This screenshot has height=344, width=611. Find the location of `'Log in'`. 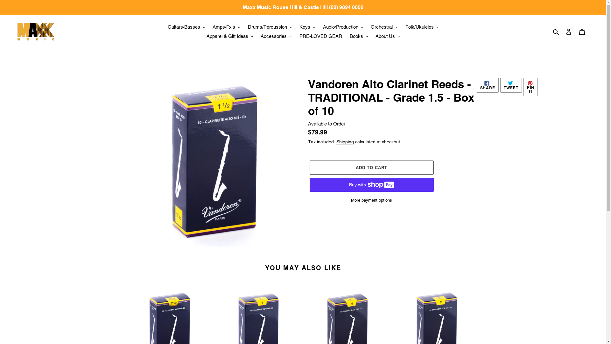

'Log in' is located at coordinates (562, 32).